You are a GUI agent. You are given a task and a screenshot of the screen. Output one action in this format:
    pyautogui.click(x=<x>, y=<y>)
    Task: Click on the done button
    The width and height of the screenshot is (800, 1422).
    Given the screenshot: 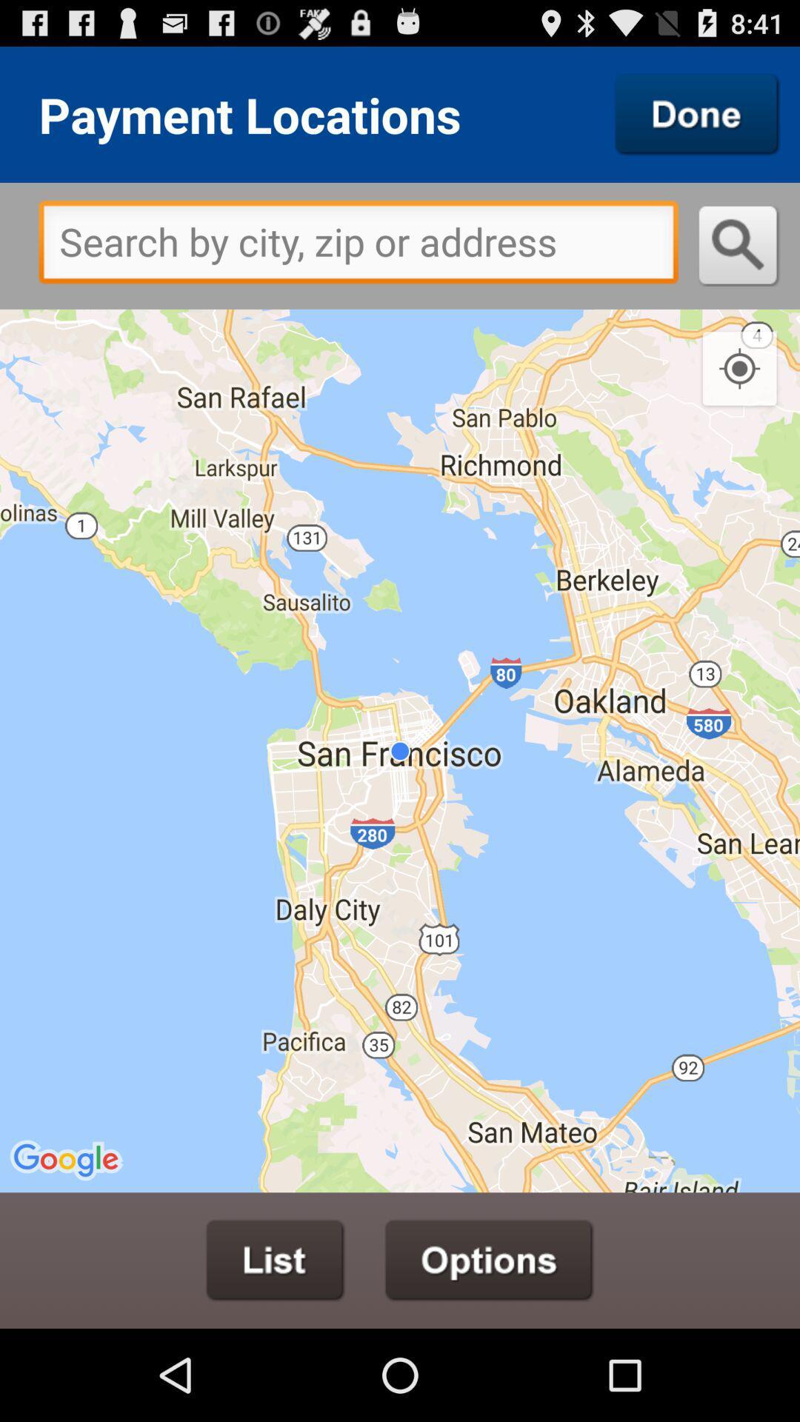 What is the action you would take?
    pyautogui.click(x=697, y=113)
    